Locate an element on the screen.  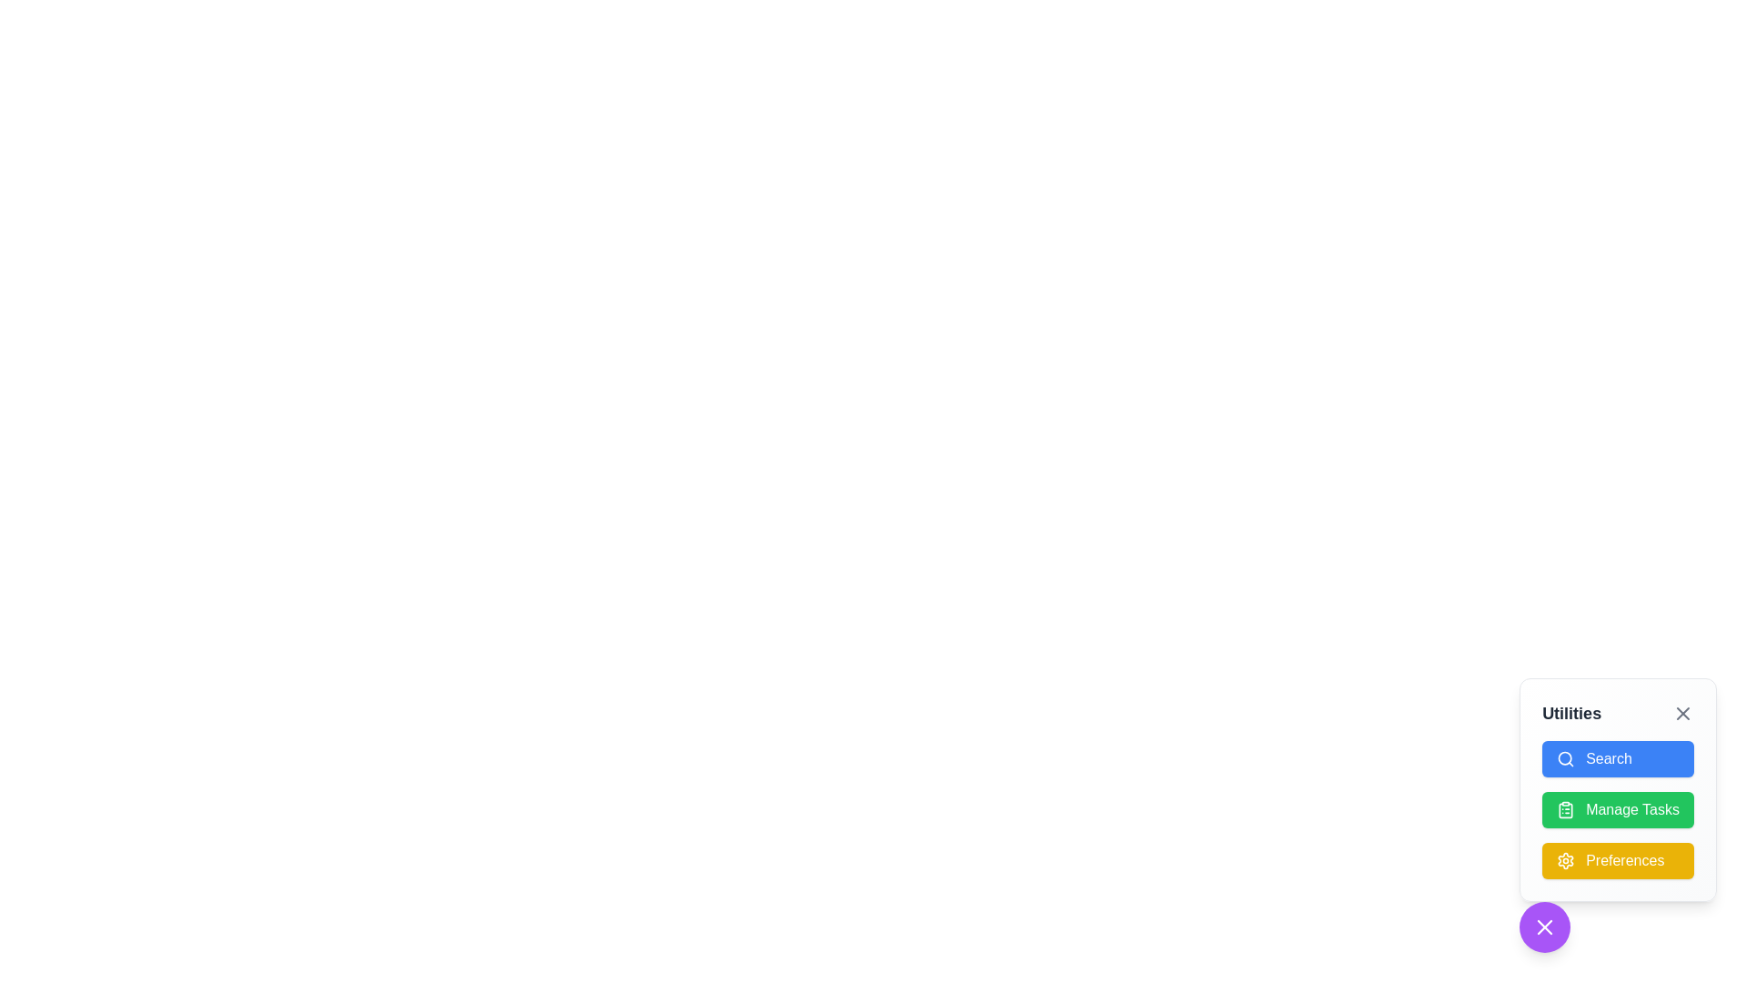
the circular portion of the search icon located at the top of the 'Search' button in the 'Utilities' section, positioned on the right side of the interface is located at coordinates (1564, 758).